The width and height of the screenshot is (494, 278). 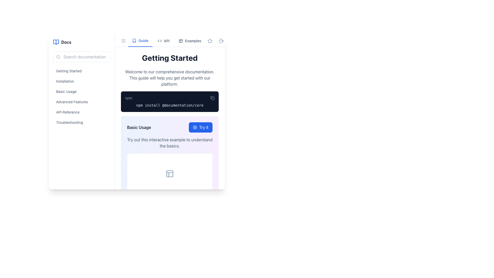 I want to click on the main body segment of the coffee cup icon, which is part of the SVG group labeled 'lucide-coffee' located in the top-right section of the application interface, so click(x=221, y=41).